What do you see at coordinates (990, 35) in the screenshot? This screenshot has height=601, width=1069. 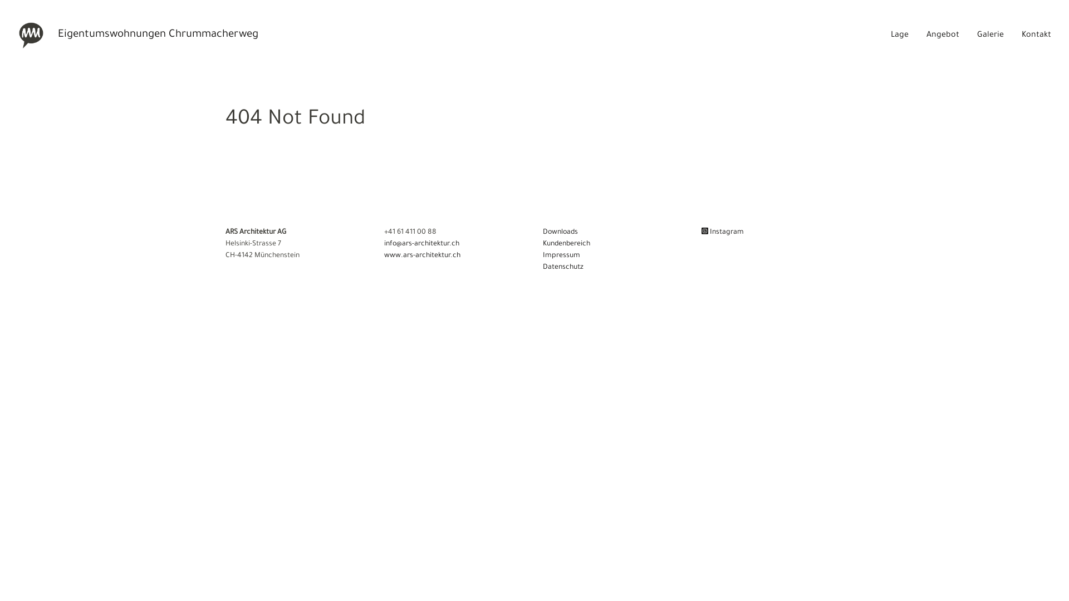 I see `'Galerie'` at bounding box center [990, 35].